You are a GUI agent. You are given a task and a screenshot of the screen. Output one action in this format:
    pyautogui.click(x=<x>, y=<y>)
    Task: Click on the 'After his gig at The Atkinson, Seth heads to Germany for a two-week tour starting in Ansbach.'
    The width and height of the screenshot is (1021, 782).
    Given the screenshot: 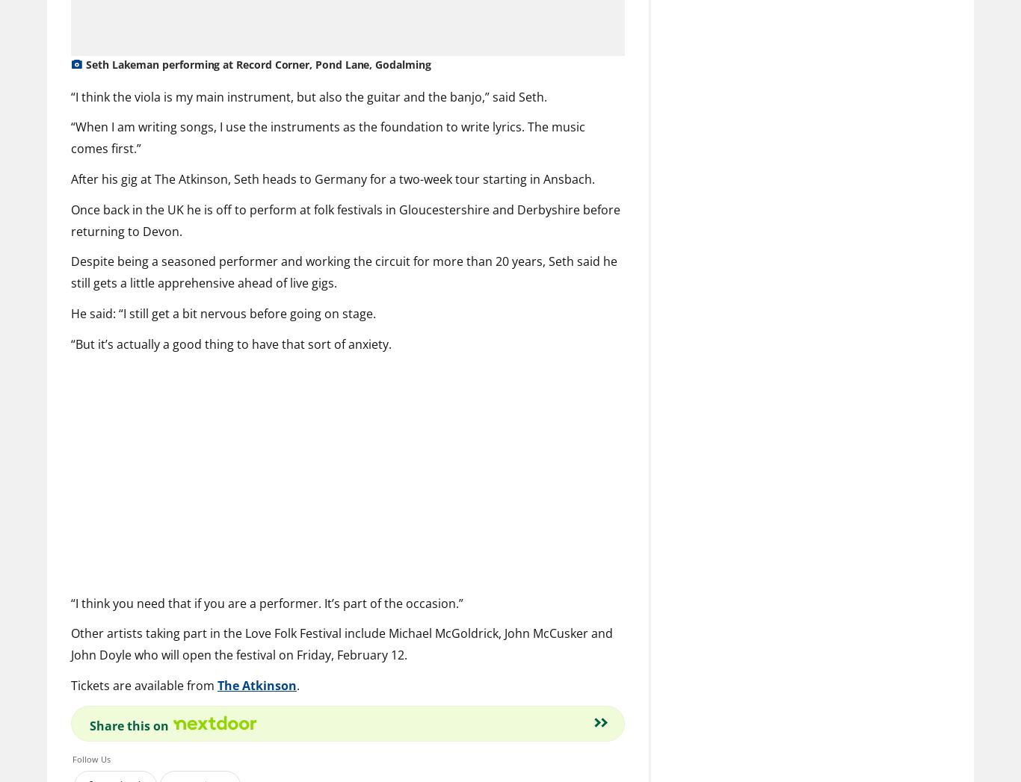 What is the action you would take?
    pyautogui.click(x=332, y=179)
    